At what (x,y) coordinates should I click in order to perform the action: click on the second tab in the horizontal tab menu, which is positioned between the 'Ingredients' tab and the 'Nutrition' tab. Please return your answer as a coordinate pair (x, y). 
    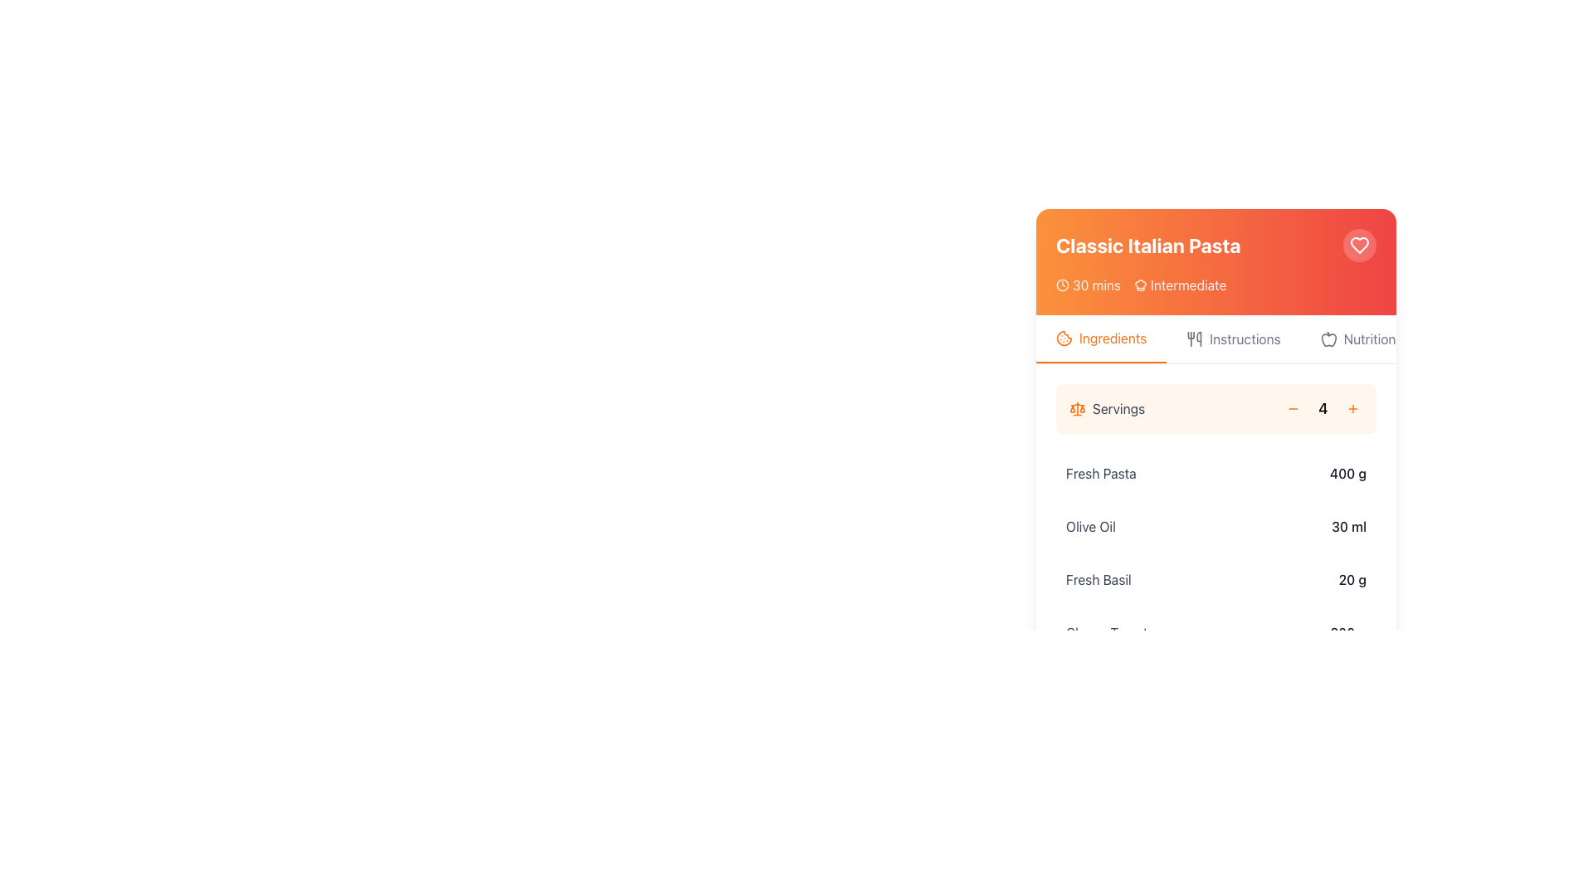
    Looking at the image, I should click on (1215, 338).